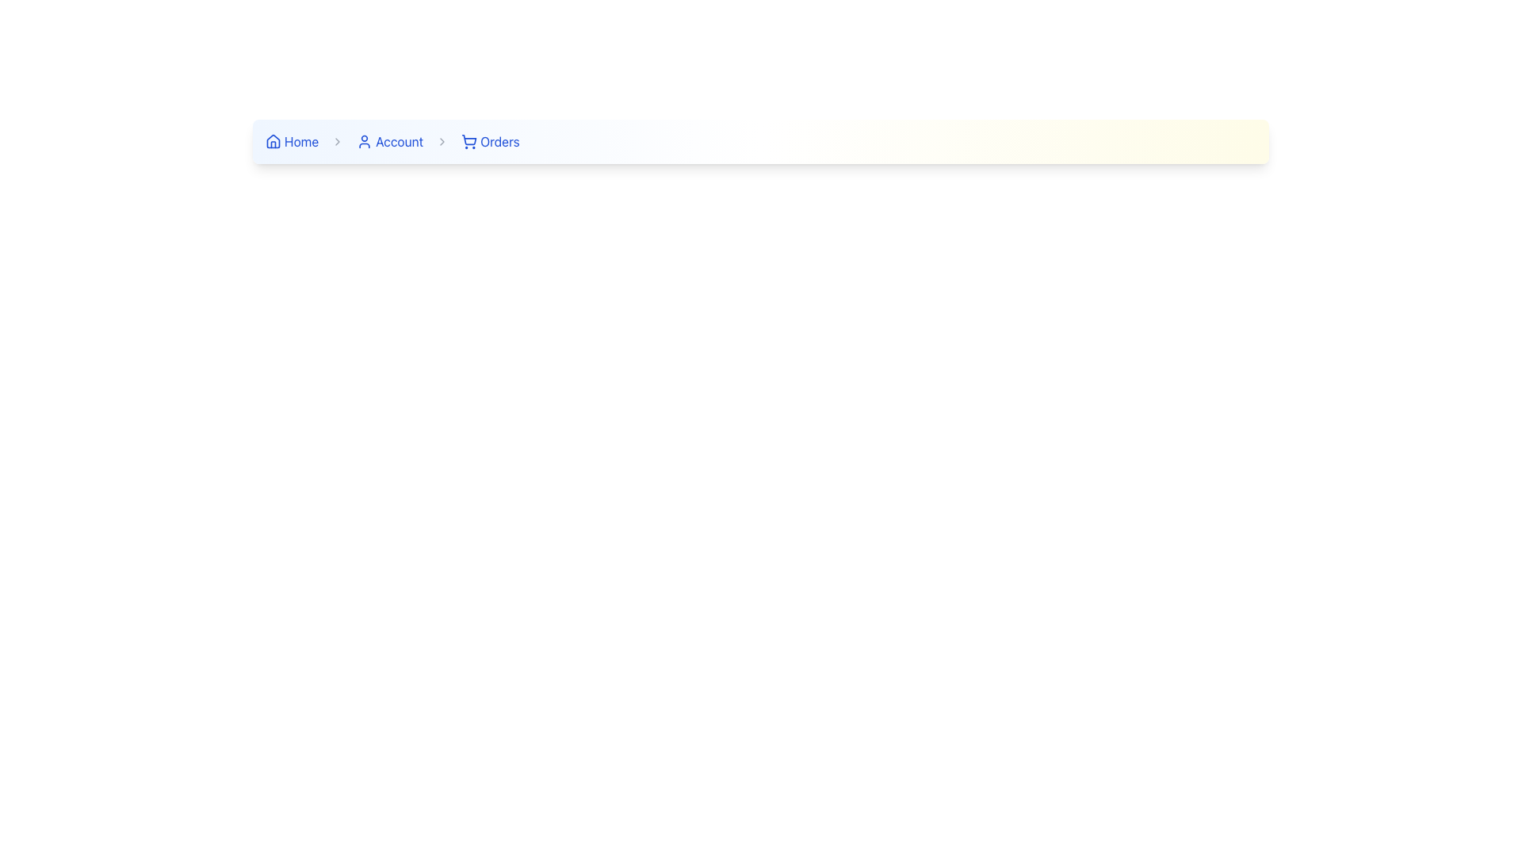 The width and height of the screenshot is (1522, 856). Describe the element at coordinates (292, 140) in the screenshot. I see `the 'Home' button, which is the first item in the navigation bar` at that location.